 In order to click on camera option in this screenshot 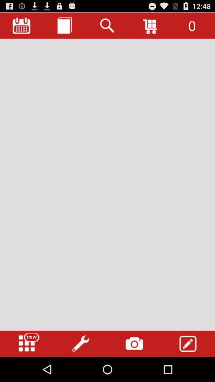, I will do `click(134, 343)`.